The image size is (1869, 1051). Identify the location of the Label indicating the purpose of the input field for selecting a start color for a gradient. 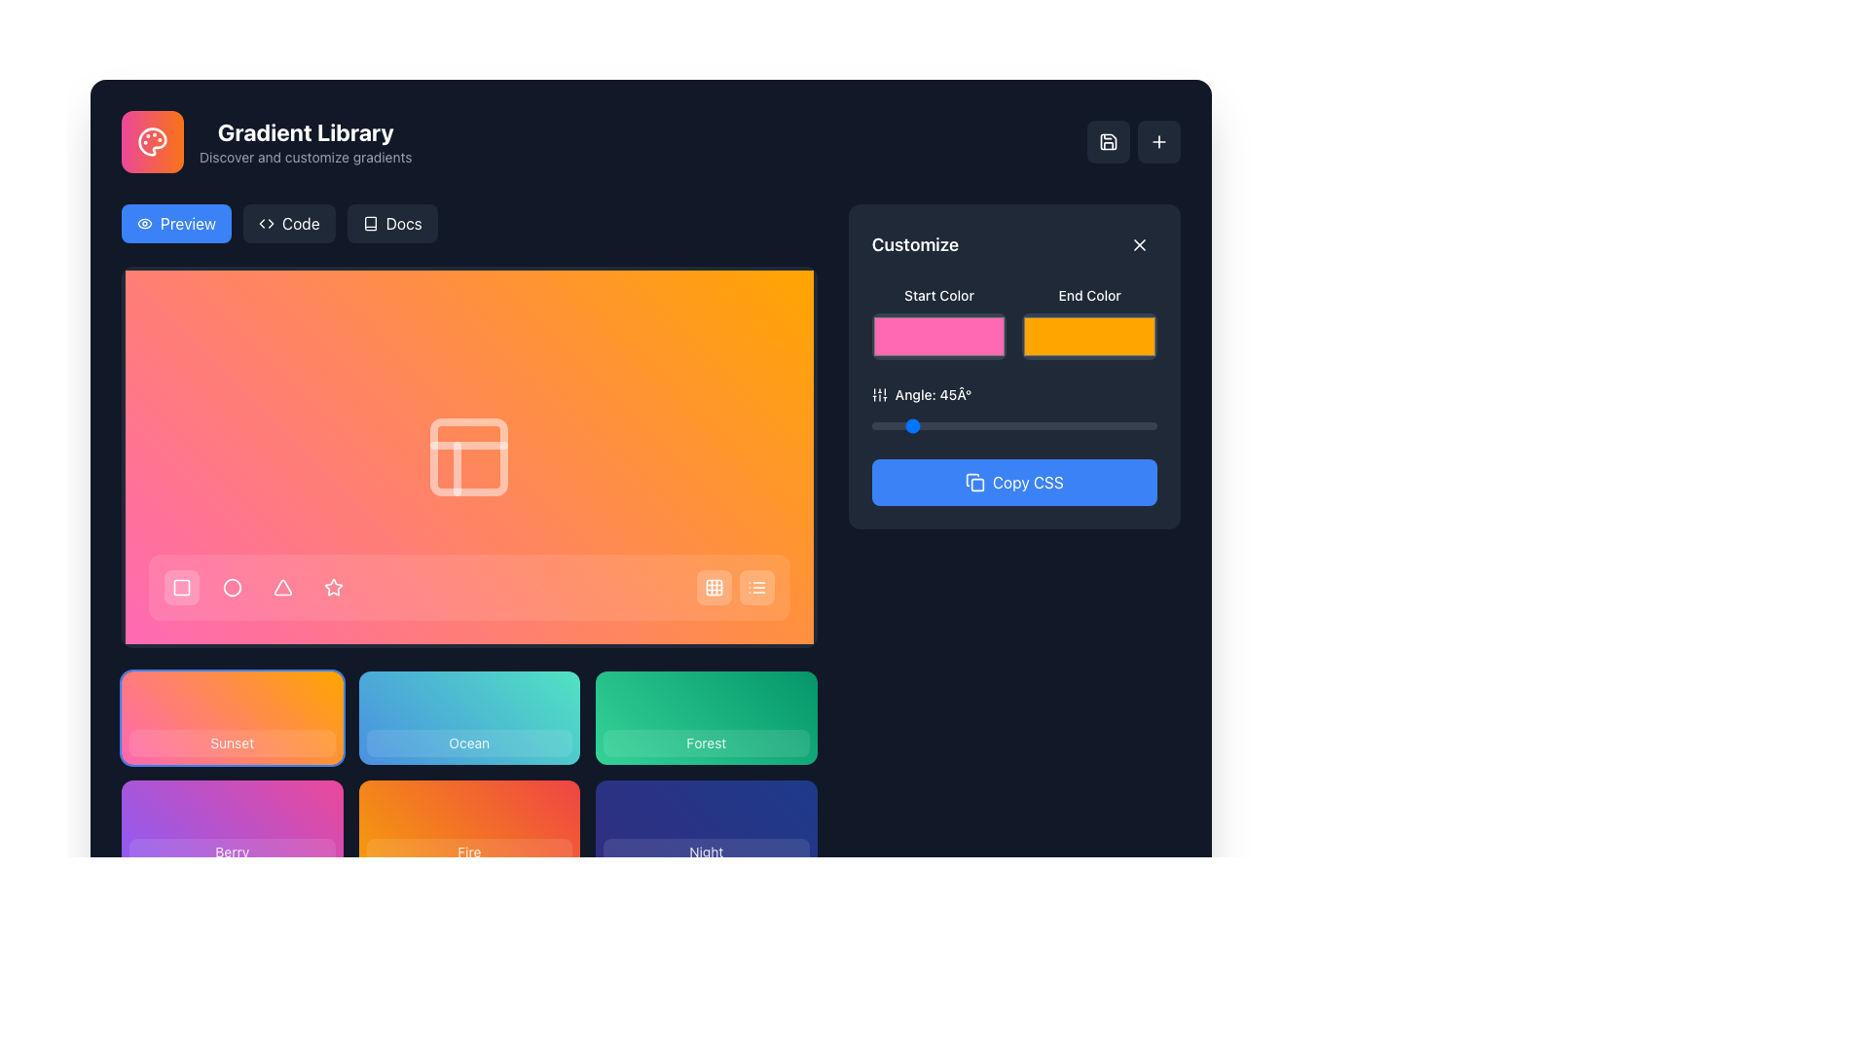
(938, 296).